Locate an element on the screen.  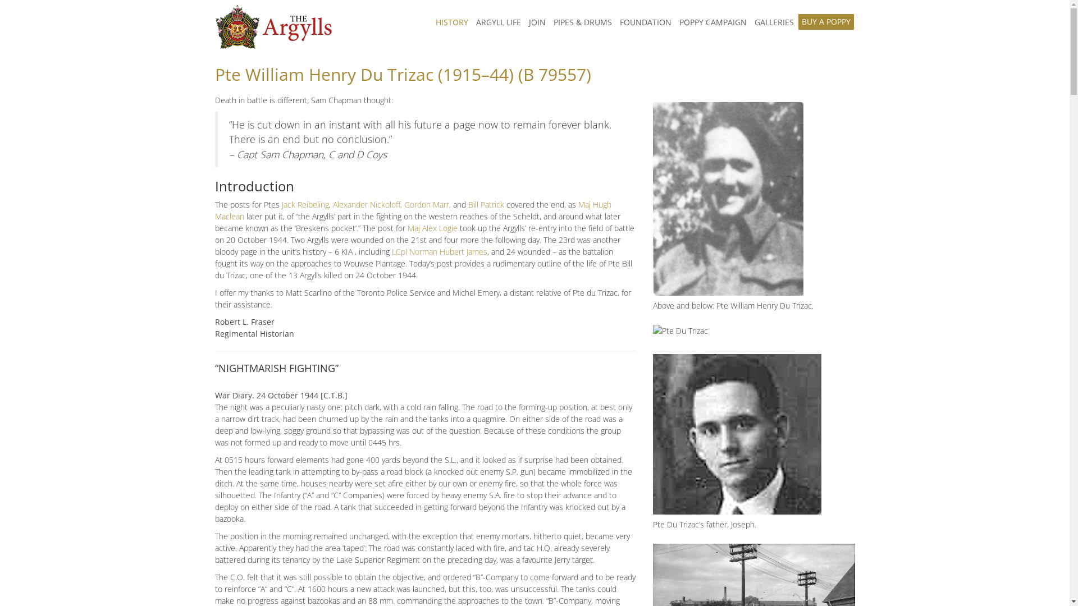
'Bill Patrick' is located at coordinates (486, 204).